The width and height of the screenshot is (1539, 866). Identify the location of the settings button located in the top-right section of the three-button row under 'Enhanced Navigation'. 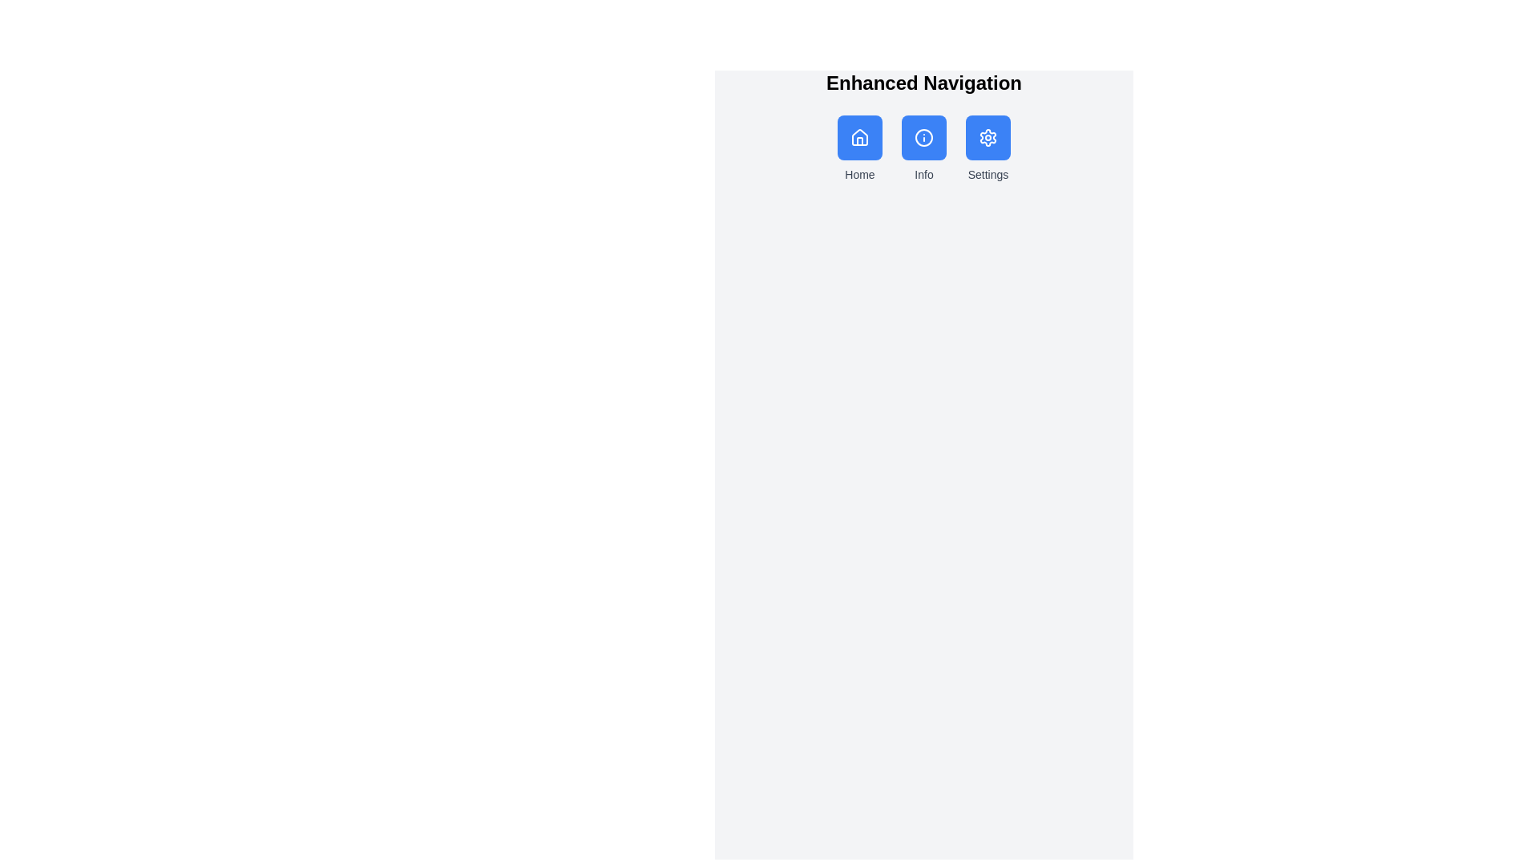
(988, 137).